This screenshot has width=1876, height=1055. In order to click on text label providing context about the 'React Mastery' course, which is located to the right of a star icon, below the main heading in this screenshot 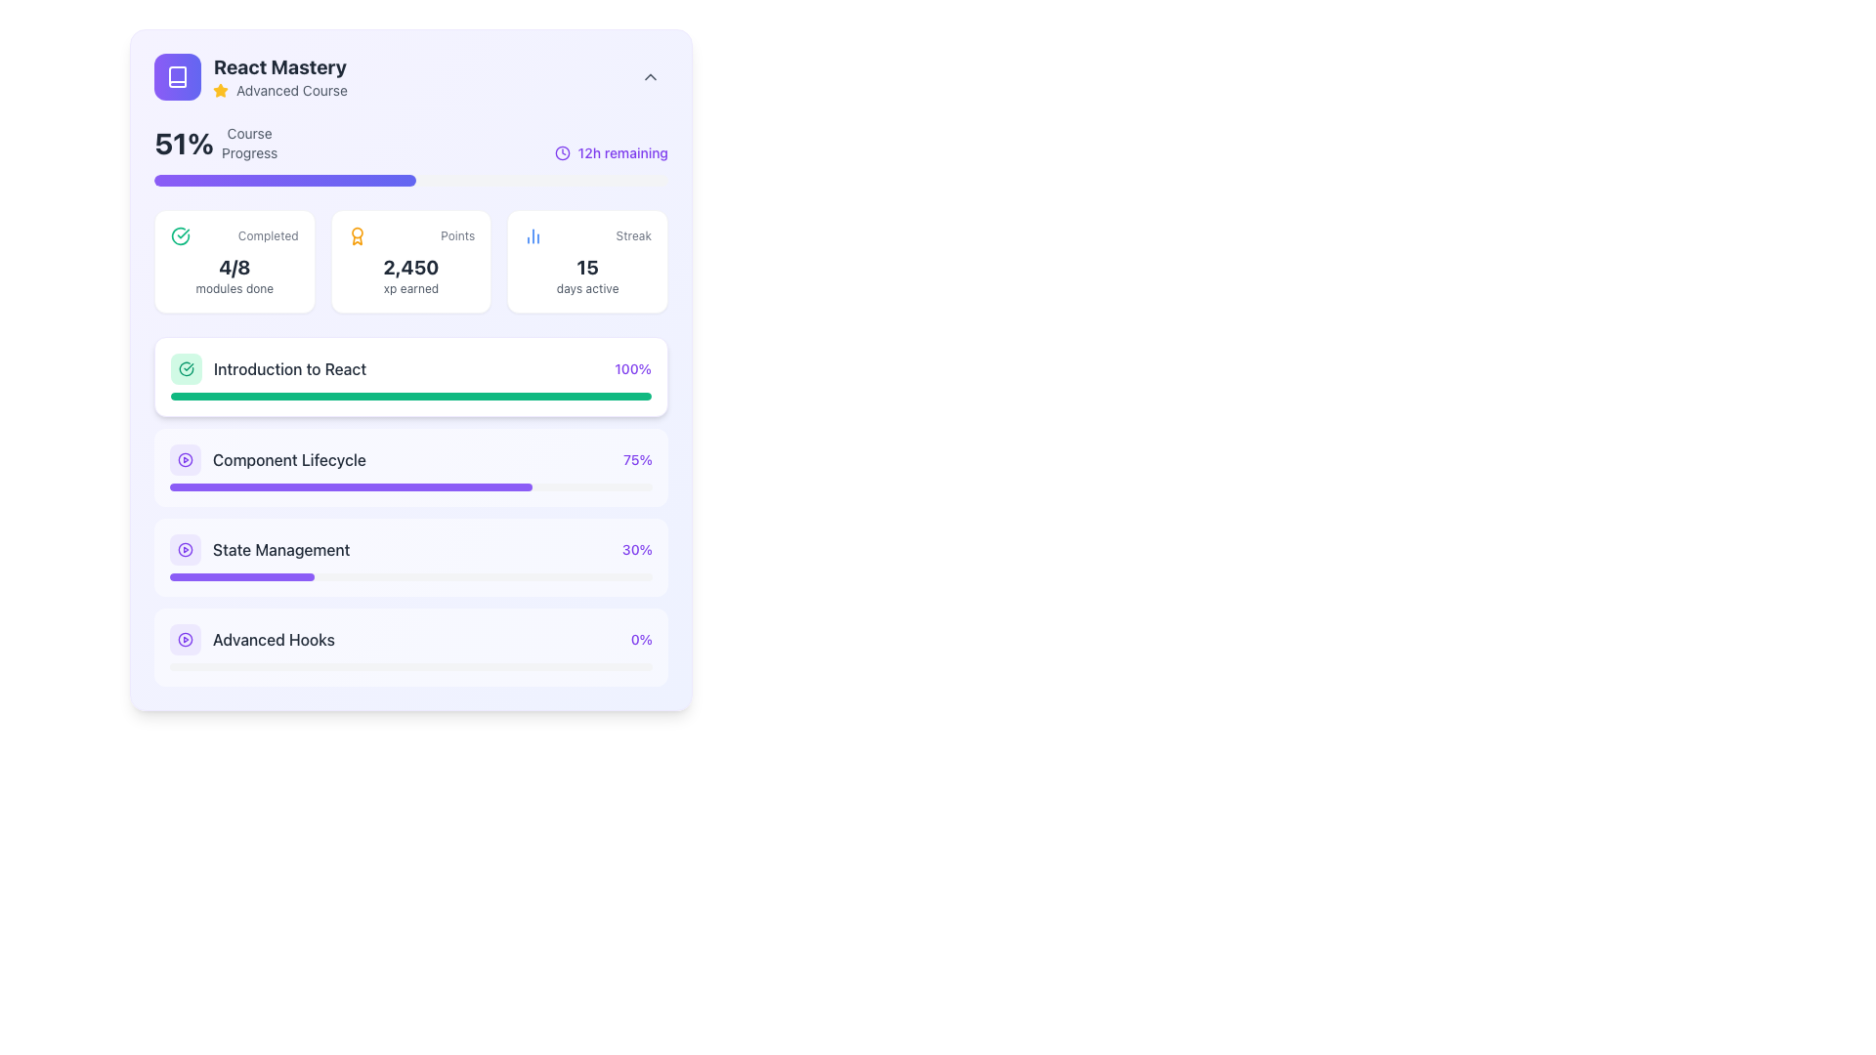, I will do `click(290, 90)`.